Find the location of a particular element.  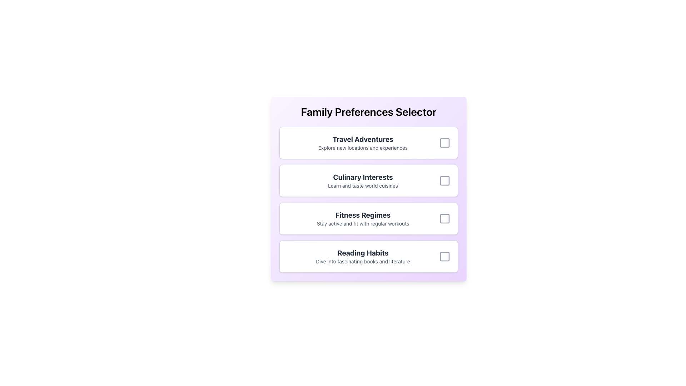

the 'Travel Adventures' selection checkbox located at the far right end of its row is located at coordinates (444, 143).